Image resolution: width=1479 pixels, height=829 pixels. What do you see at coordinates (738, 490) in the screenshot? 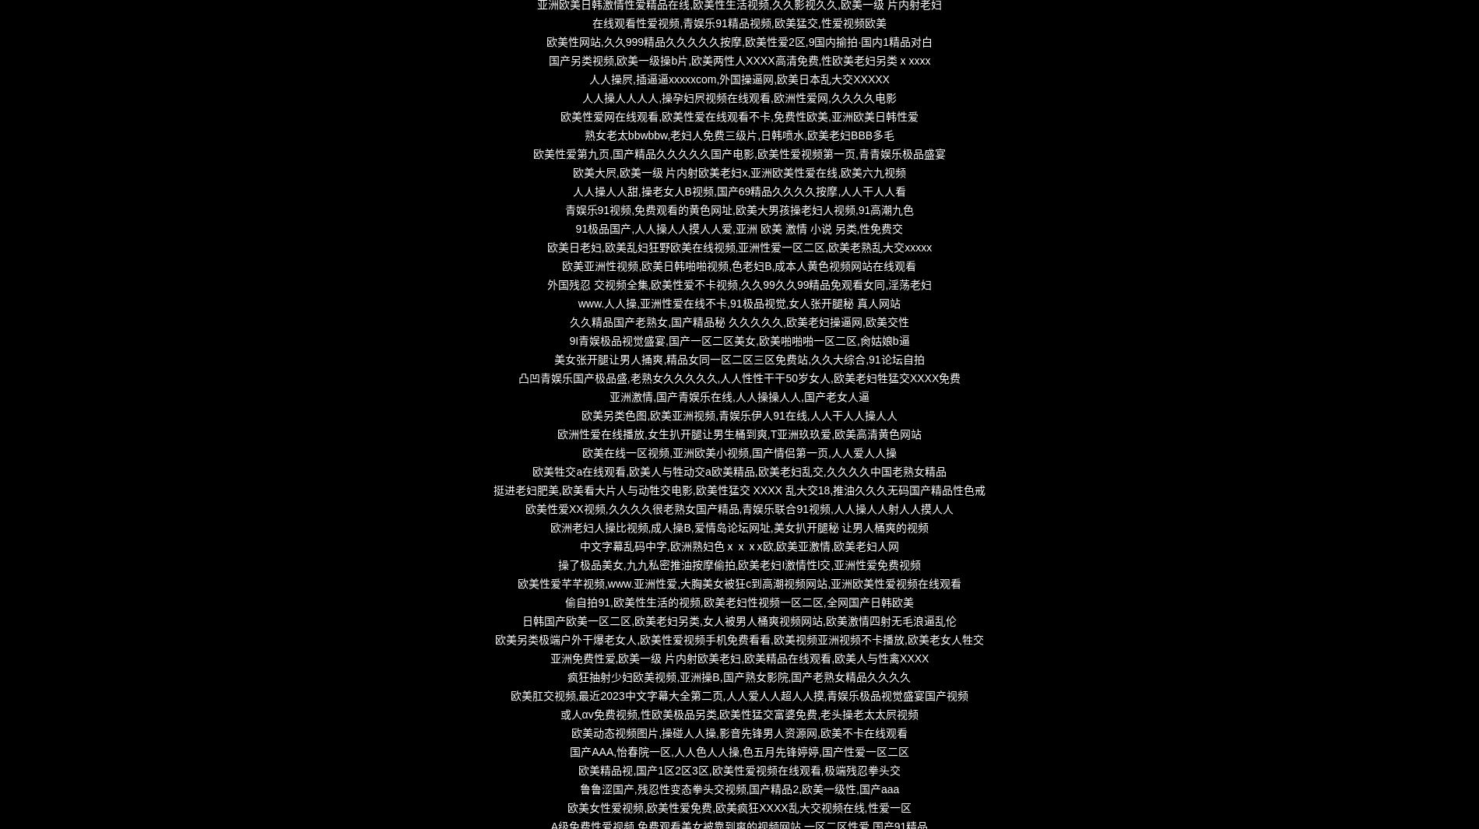
I see `'挺进老妇肥美,欧美看大片人与动牲交电影,欧美性猛交 XXXX 乱大交18,推油久久久无码国产精品性色戒'` at bounding box center [738, 490].